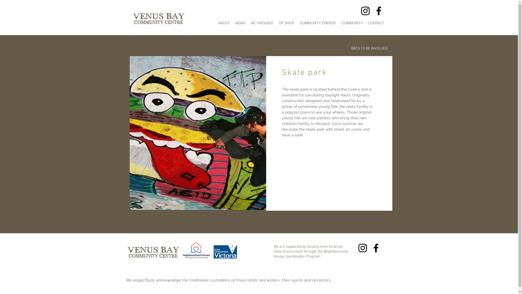 The width and height of the screenshot is (522, 294). What do you see at coordinates (375, 23) in the screenshot?
I see `'CONTACT'` at bounding box center [375, 23].